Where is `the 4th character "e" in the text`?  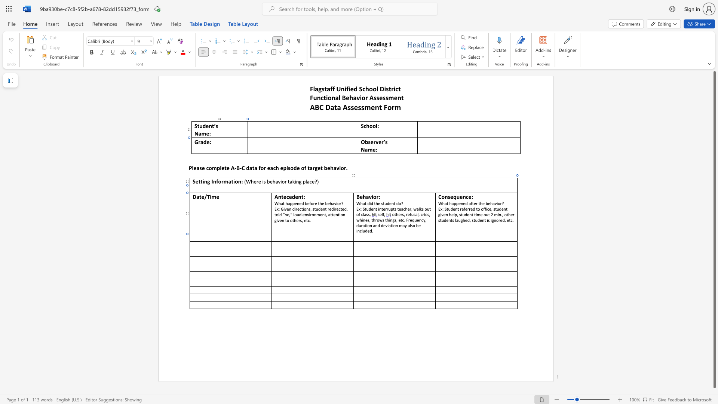 the 4th character "e" in the text is located at coordinates (483, 203).